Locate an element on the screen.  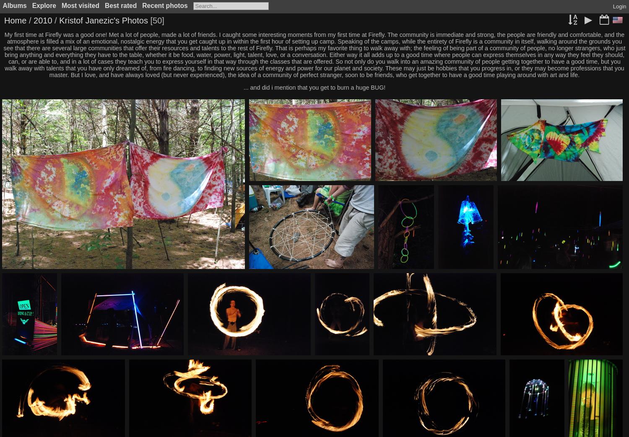
'IMG 90' is located at coordinates (407, 274).